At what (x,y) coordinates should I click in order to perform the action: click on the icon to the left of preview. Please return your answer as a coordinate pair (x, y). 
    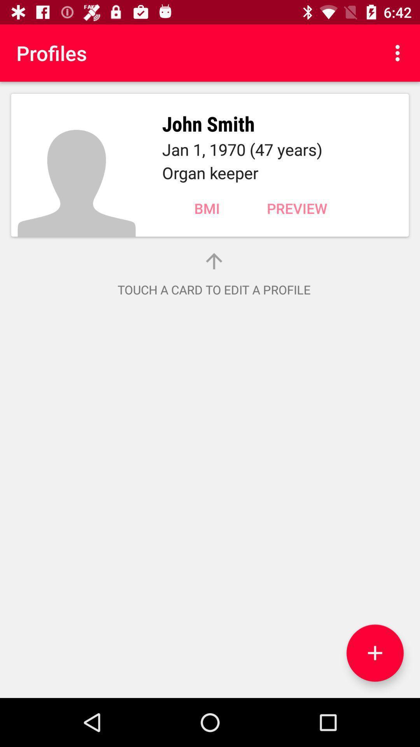
    Looking at the image, I should click on (206, 208).